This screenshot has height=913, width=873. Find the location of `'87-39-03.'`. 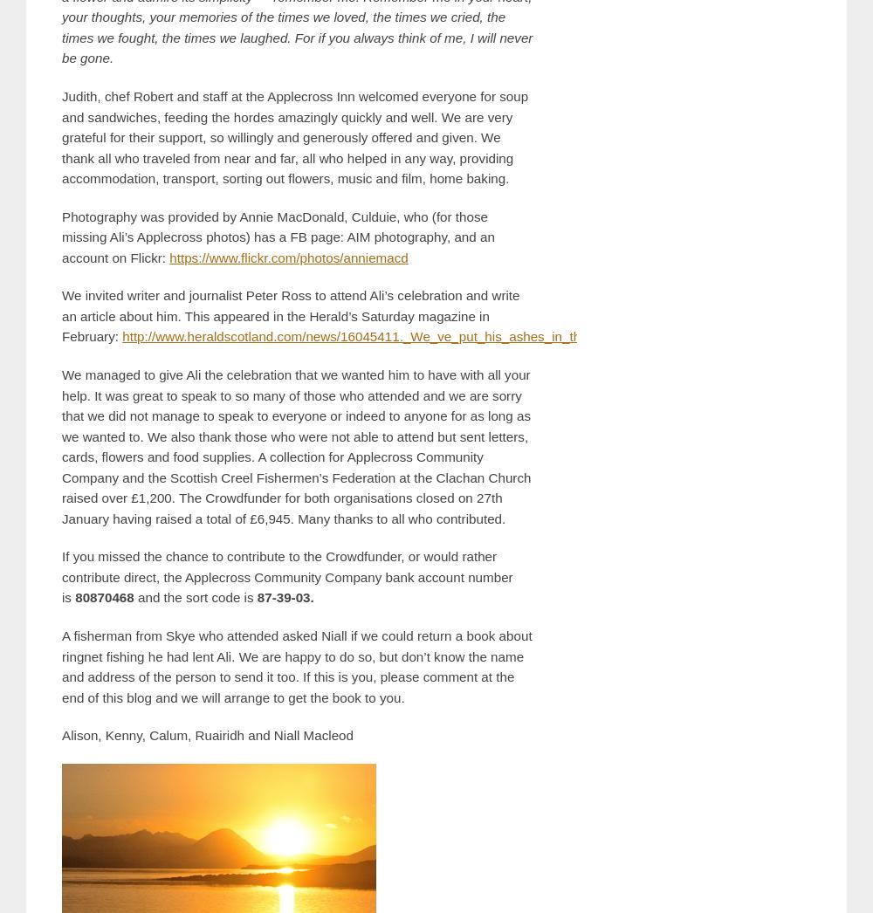

'87-39-03.' is located at coordinates (284, 597).